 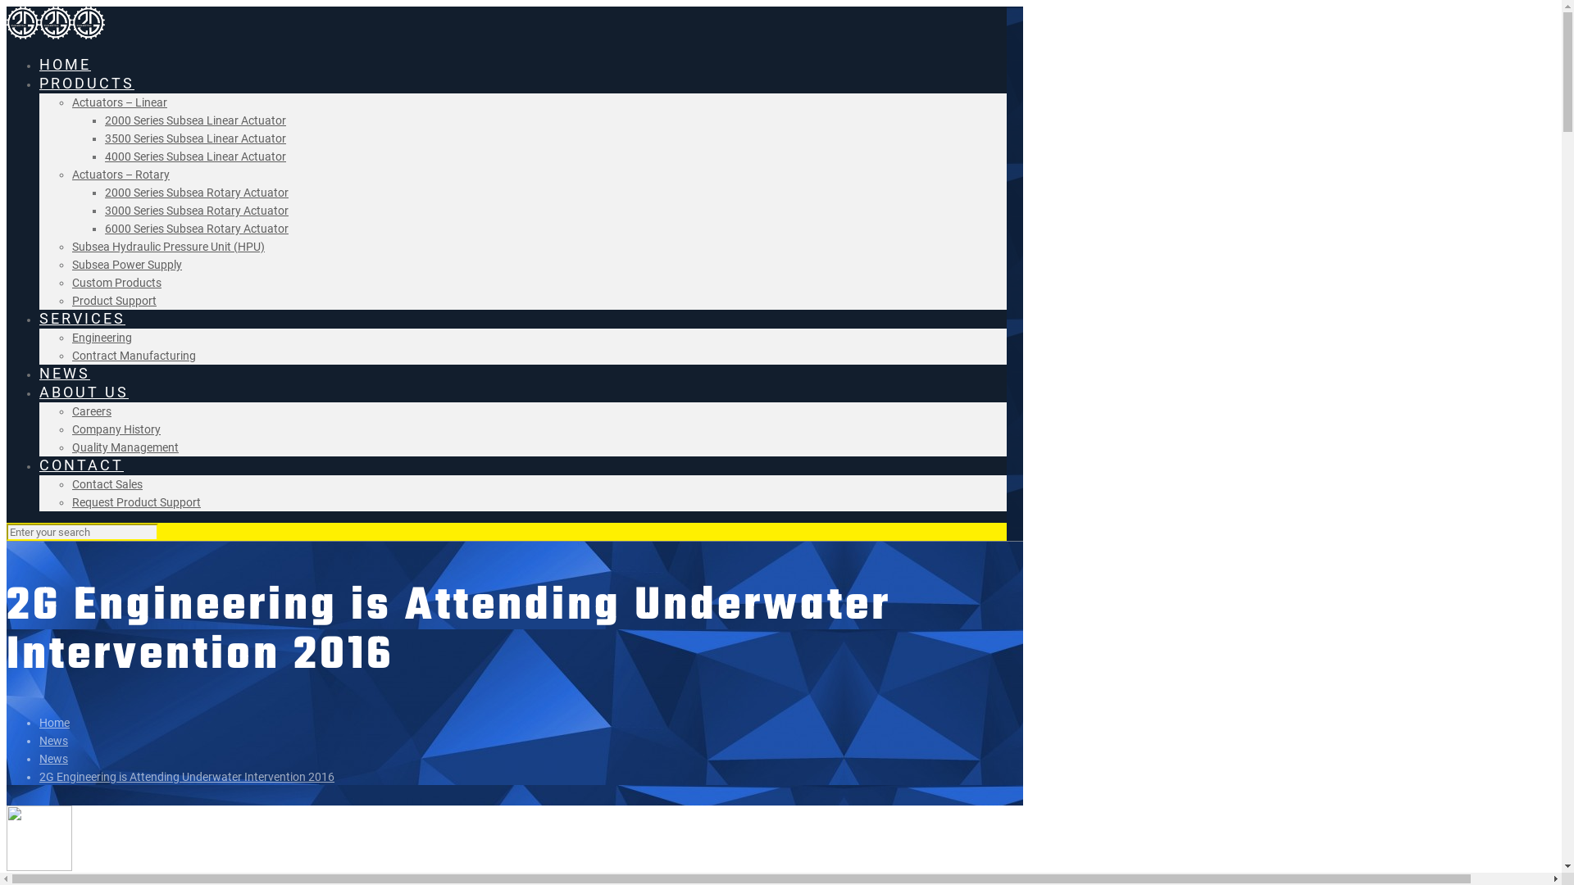 What do you see at coordinates (81, 318) in the screenshot?
I see `'SERVICES'` at bounding box center [81, 318].